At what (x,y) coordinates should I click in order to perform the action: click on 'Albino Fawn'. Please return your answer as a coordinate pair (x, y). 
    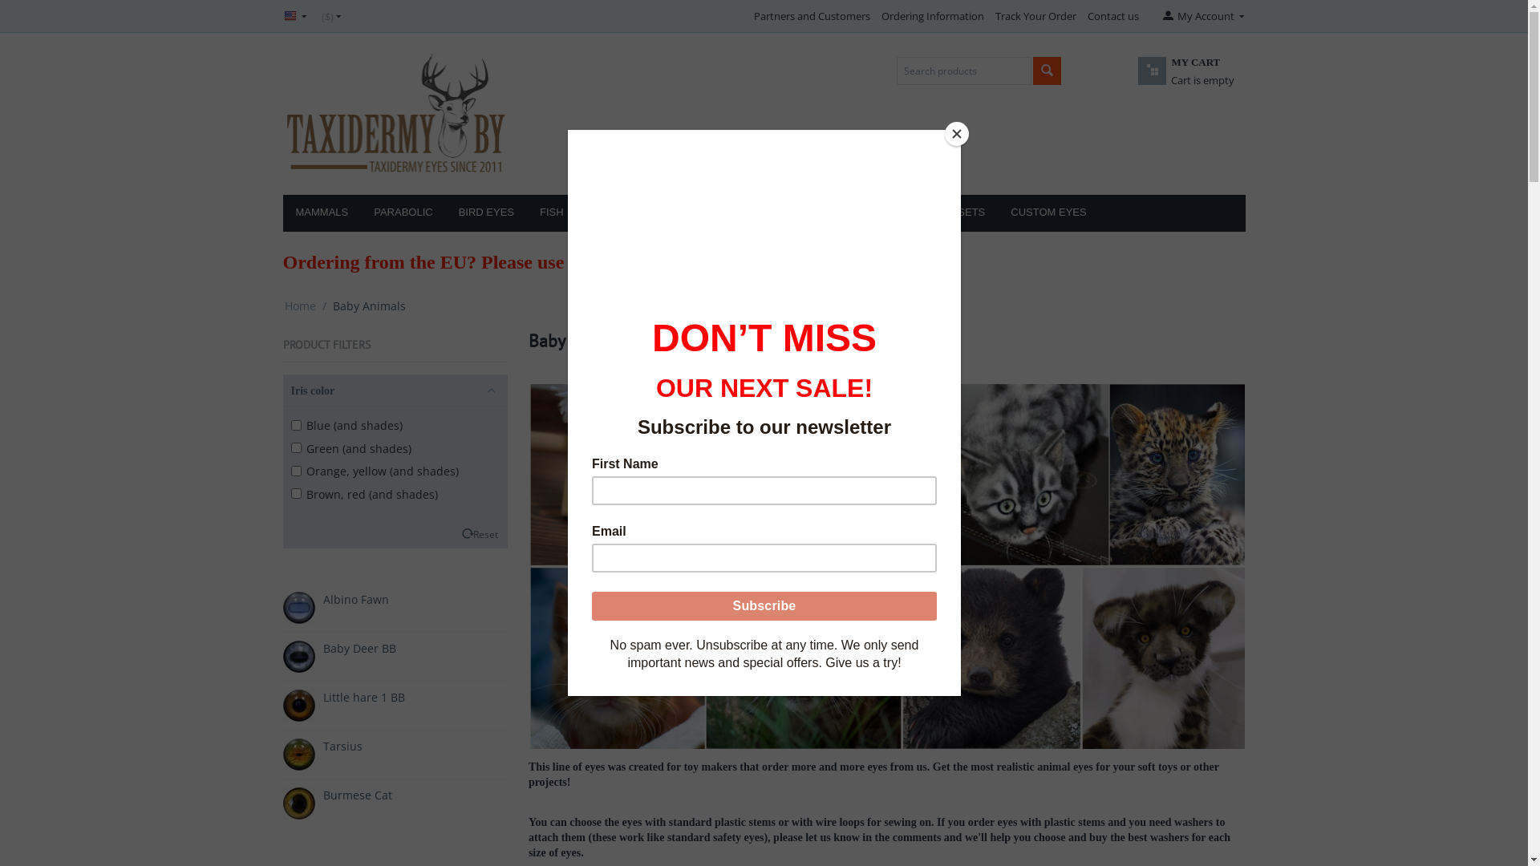
    Looking at the image, I should click on (354, 599).